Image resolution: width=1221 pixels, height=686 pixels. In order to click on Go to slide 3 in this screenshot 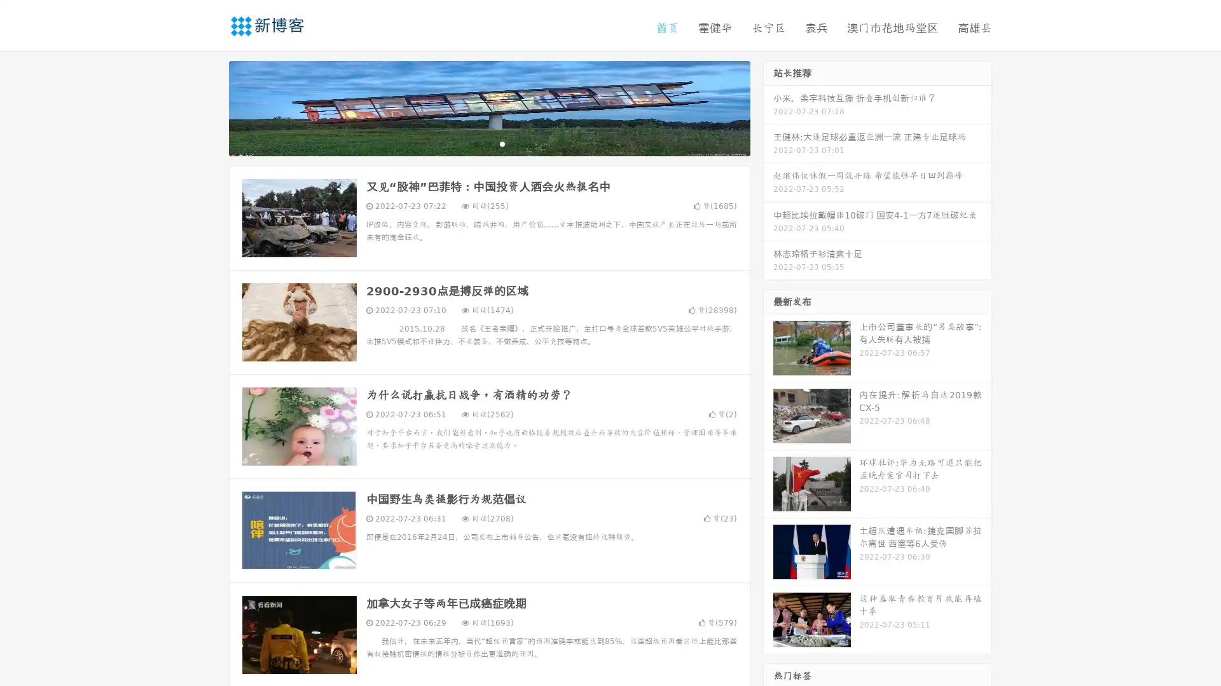, I will do `click(502, 143)`.